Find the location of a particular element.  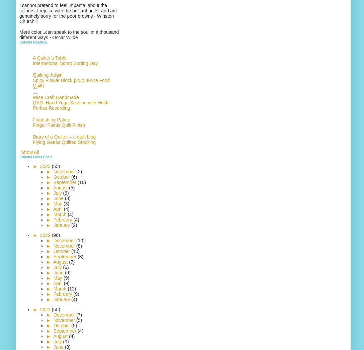

'2021' is located at coordinates (45, 309).